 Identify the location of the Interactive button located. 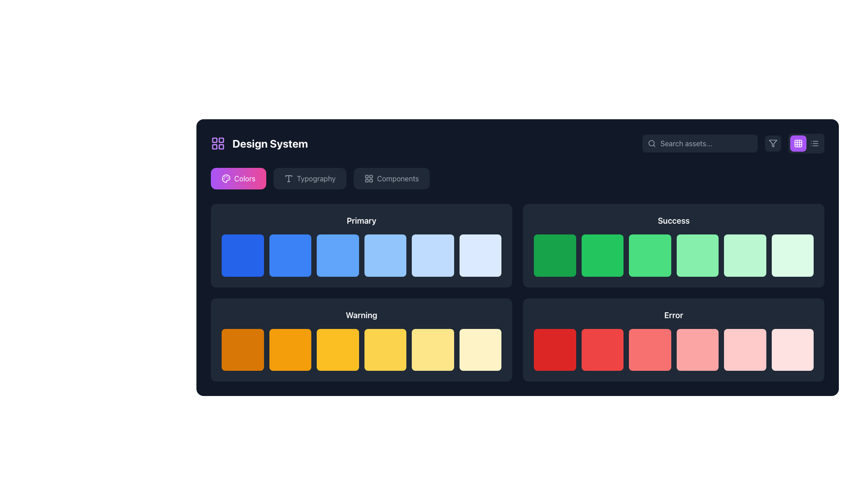
(392, 179).